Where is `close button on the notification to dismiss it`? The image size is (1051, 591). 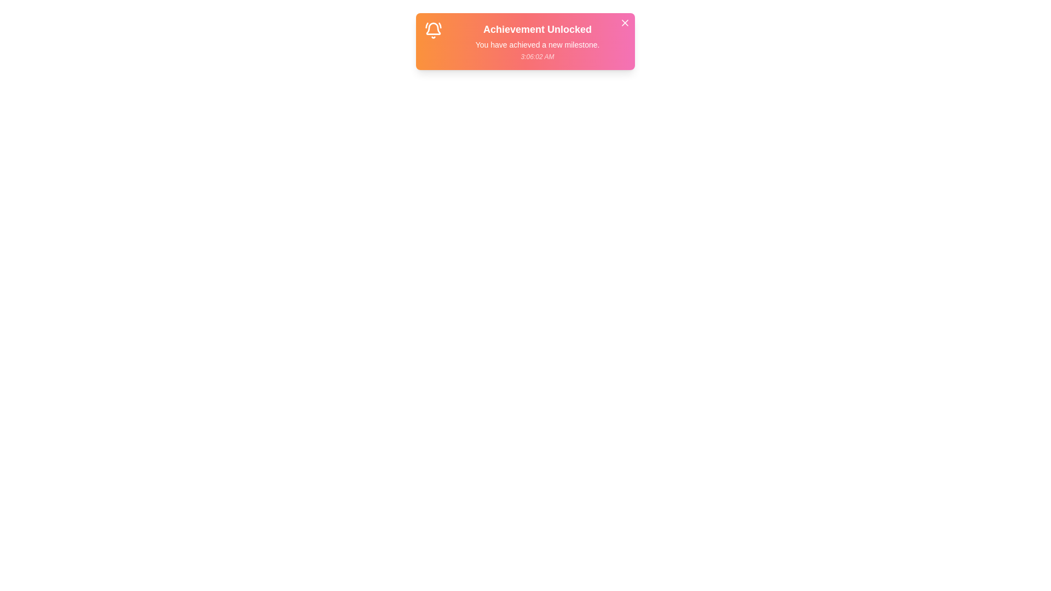
close button on the notification to dismiss it is located at coordinates (625, 23).